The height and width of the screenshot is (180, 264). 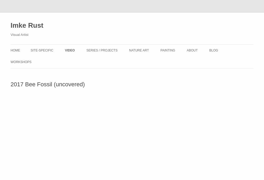 I want to click on 'Nature Art', so click(x=139, y=50).